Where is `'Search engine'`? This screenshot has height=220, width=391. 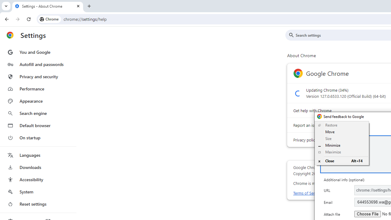
'Search engine' is located at coordinates (38, 113).